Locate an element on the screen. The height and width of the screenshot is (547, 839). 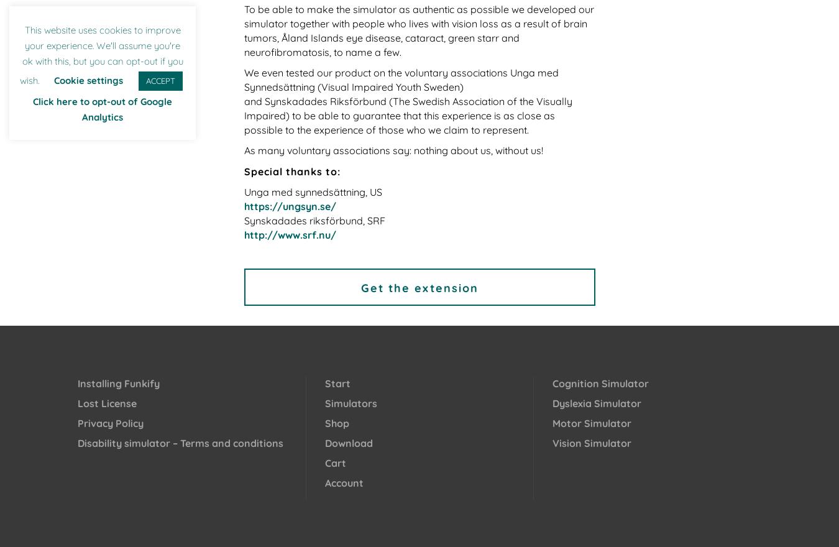
'Disability simulator – Terms and conditions' is located at coordinates (180, 443).